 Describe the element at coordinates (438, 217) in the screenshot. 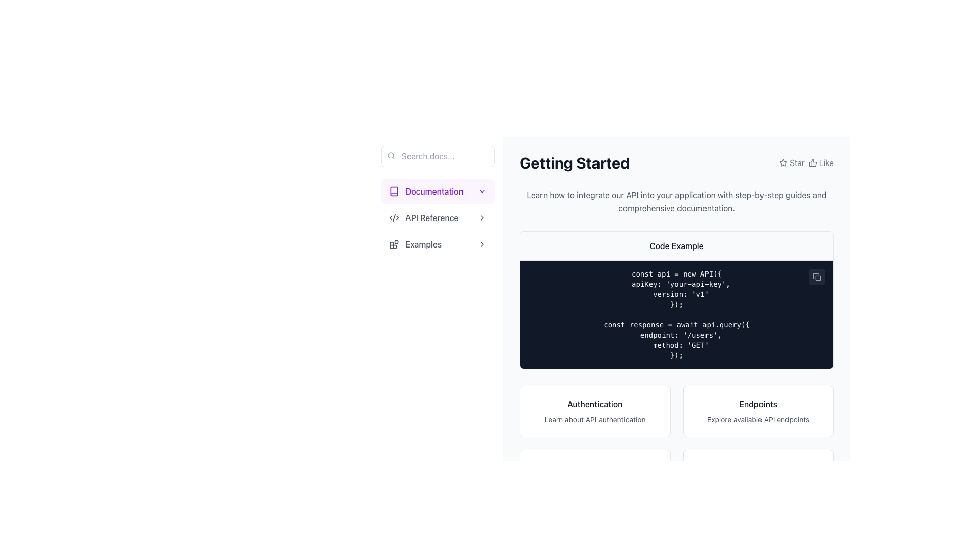

I see `the middle navigational list item titled 'API Reference' in the sidebar` at that location.